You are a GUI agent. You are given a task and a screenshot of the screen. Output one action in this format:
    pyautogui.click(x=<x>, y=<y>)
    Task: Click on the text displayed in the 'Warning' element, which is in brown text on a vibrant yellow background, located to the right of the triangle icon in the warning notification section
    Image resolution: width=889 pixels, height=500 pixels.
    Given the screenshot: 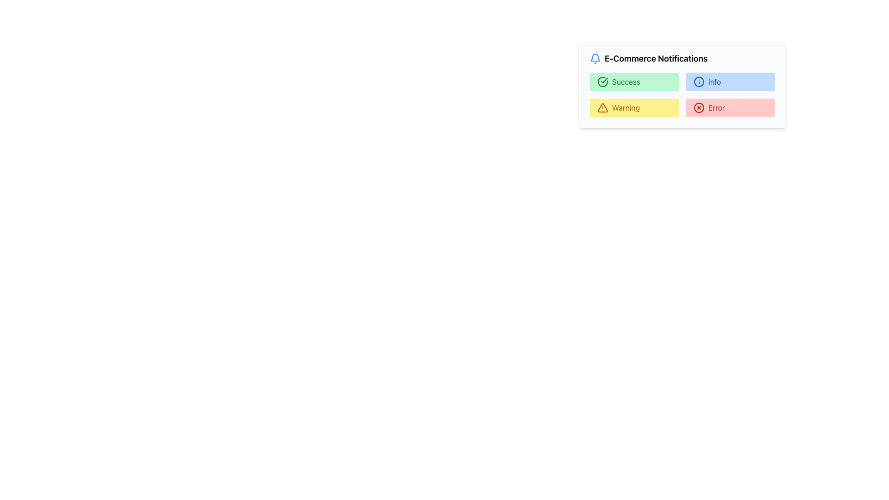 What is the action you would take?
    pyautogui.click(x=626, y=107)
    